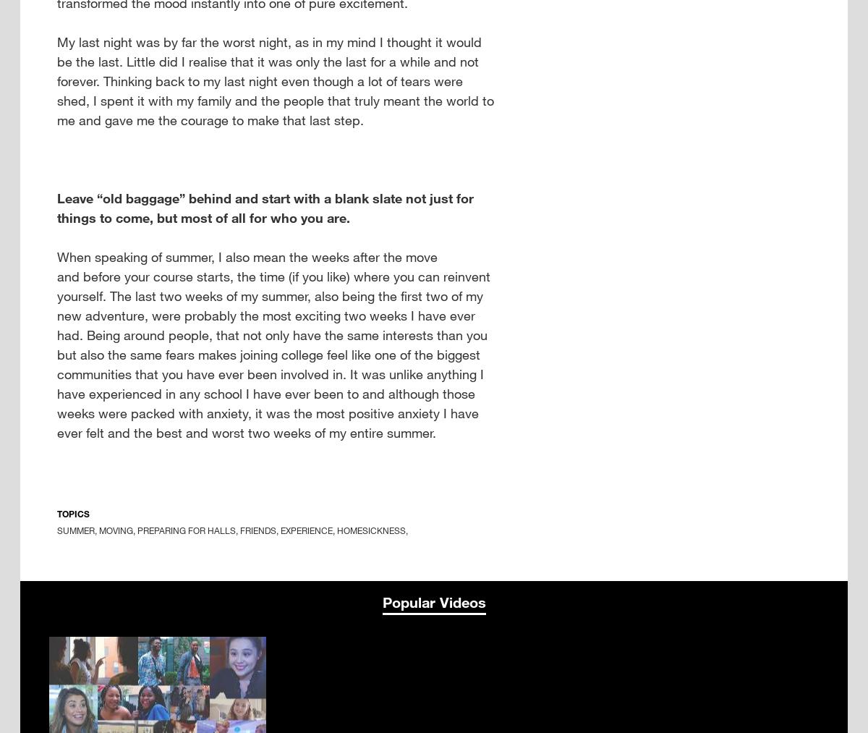 Image resolution: width=868 pixels, height=733 pixels. What do you see at coordinates (265, 206) in the screenshot?
I see `'Leave “old baggage” behind and start with a blank slate not just for things to come, but most of all for who you are.'` at bounding box center [265, 206].